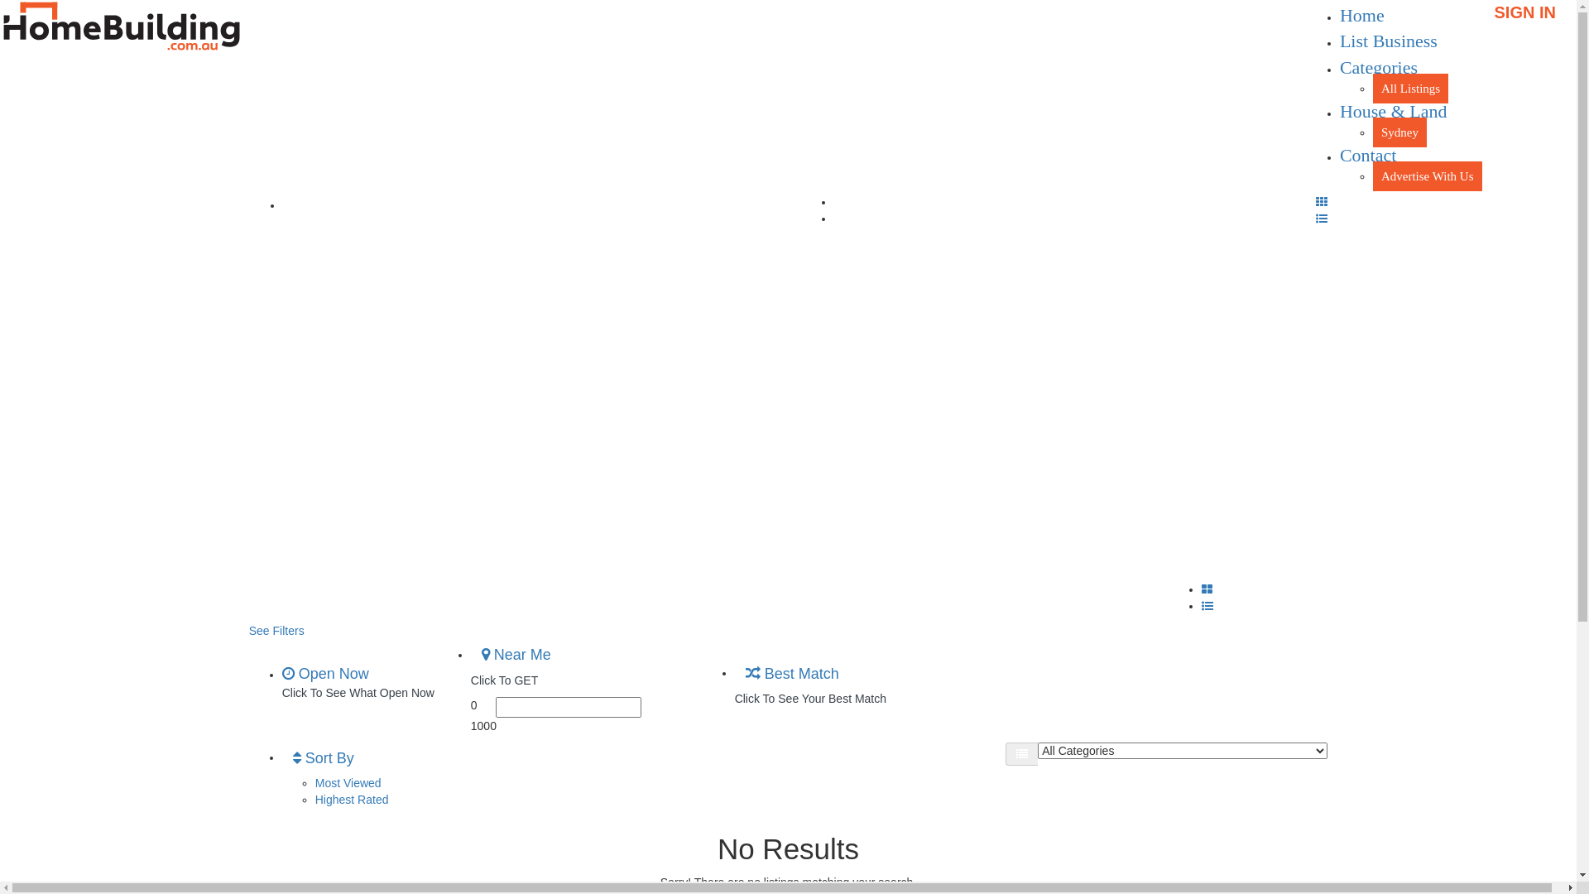 This screenshot has width=1589, height=894. Describe the element at coordinates (1378, 66) in the screenshot. I see `'Categories'` at that location.